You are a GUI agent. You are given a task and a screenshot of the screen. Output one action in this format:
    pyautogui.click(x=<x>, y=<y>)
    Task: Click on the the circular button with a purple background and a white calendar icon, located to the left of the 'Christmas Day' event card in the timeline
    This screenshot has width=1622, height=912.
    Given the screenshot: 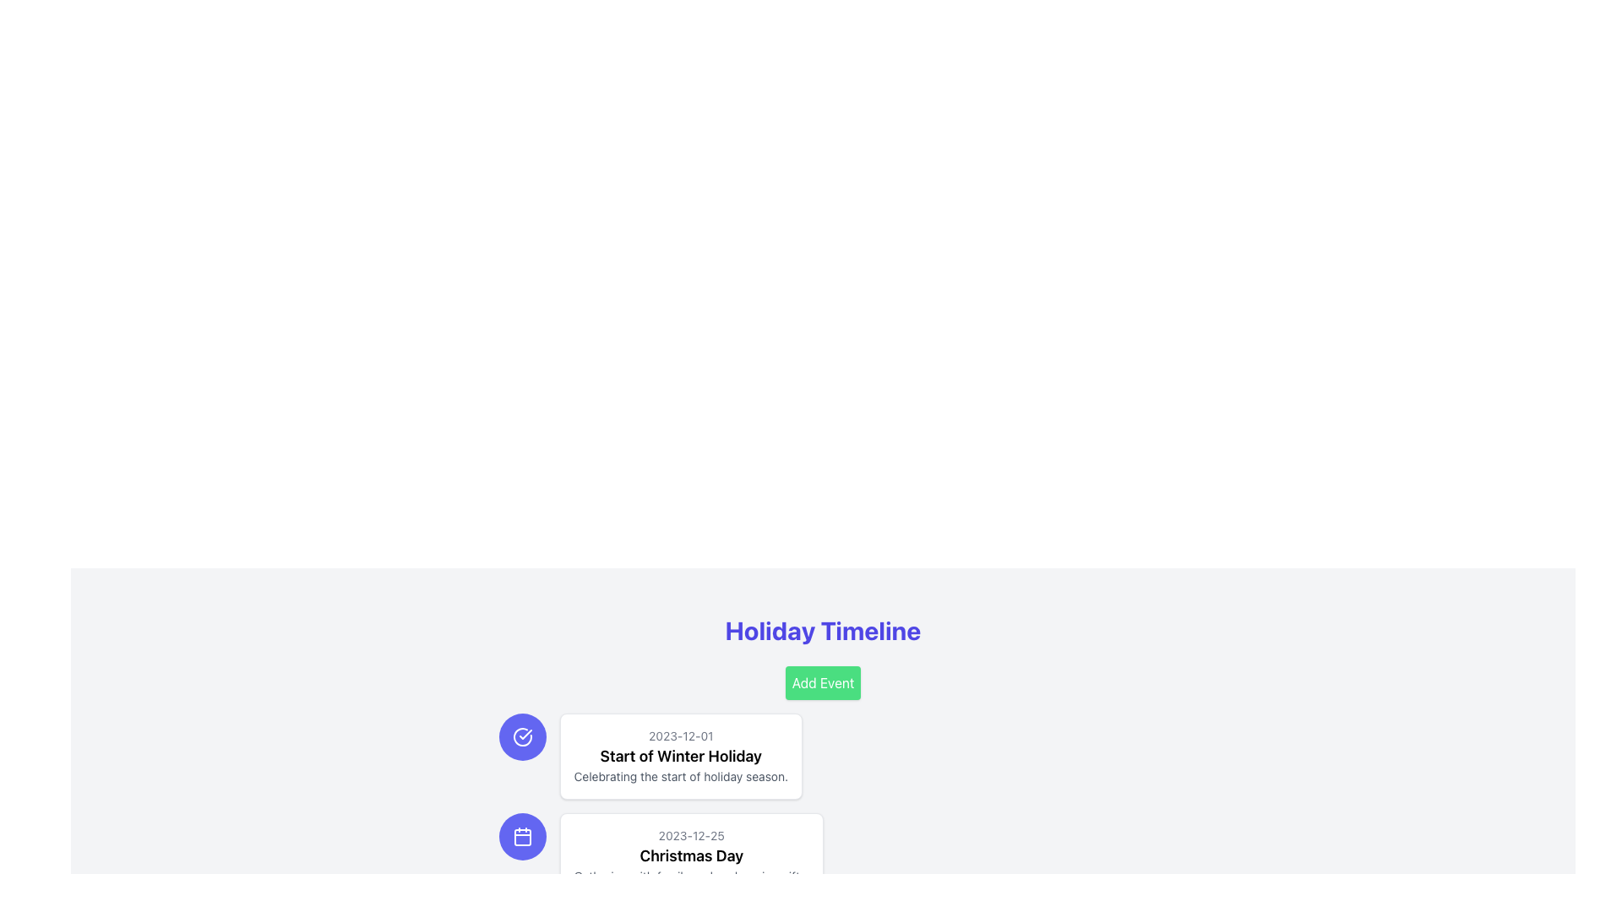 What is the action you would take?
    pyautogui.click(x=521, y=837)
    